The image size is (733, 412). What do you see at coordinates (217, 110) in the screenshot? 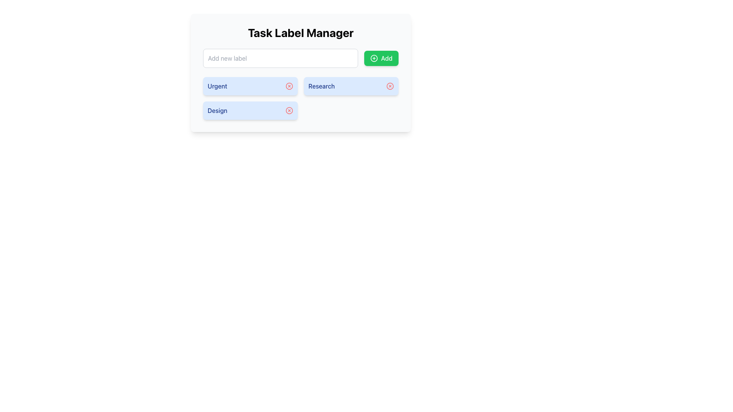
I see `the nearby components adjacent to the 'Design' text label, which is styled in blue and positioned in a blue rounded rectangular box` at bounding box center [217, 110].